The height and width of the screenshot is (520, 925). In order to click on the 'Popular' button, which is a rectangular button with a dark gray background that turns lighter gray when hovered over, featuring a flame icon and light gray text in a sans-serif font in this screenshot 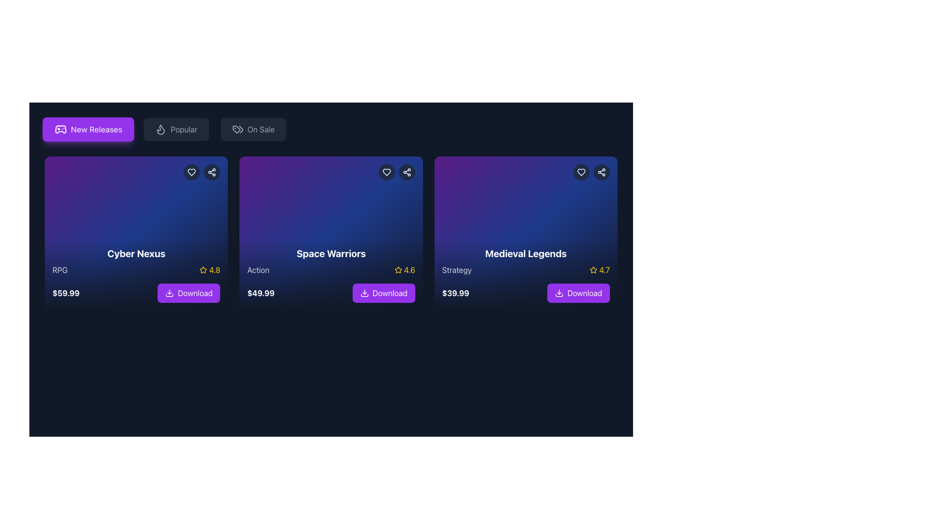, I will do `click(176, 129)`.